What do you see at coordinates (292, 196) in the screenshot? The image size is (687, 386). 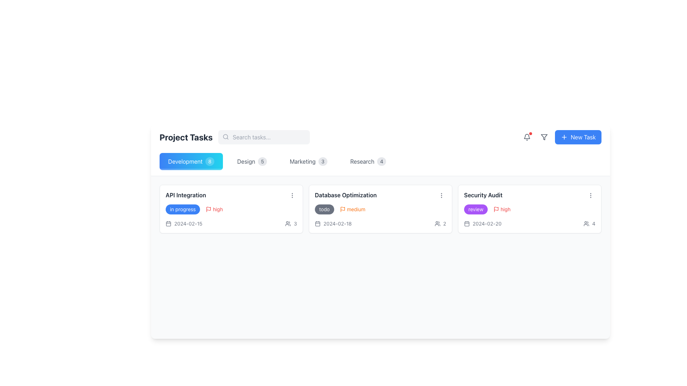 I see `the vertically-aligned ellipsis icon, which consists of three circular dots arranged vertically and is located in the upper-right corner of the 'Database Optimization' card` at bounding box center [292, 196].